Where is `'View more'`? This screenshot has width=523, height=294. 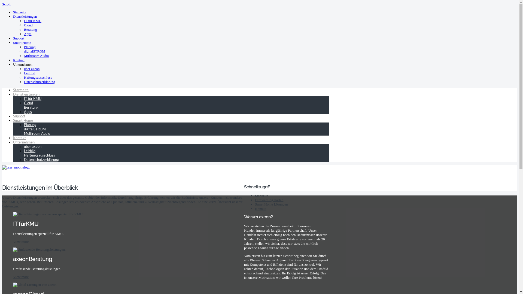 'View more' is located at coordinates (21, 277).